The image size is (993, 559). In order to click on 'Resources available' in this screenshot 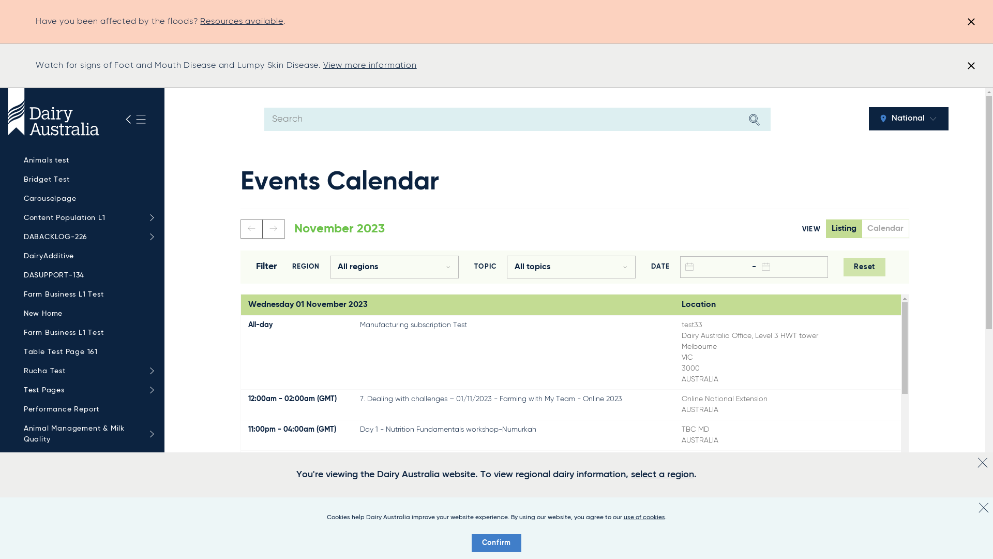, I will do `click(240, 22)`.